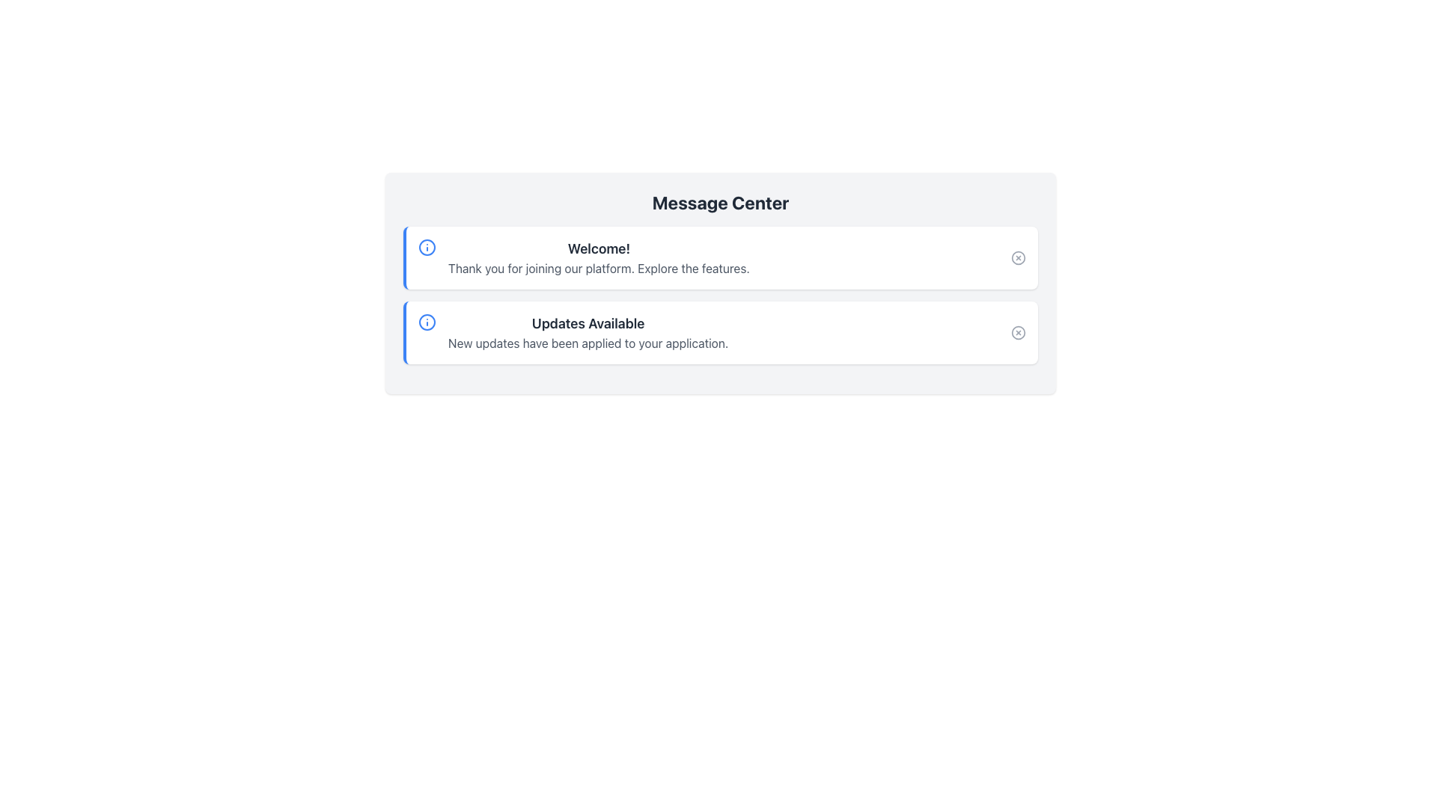 The width and height of the screenshot is (1437, 808). Describe the element at coordinates (1018, 257) in the screenshot. I see `the circular close button with a gray border located at the top-right corner of the 'Welcome!' message box` at that location.